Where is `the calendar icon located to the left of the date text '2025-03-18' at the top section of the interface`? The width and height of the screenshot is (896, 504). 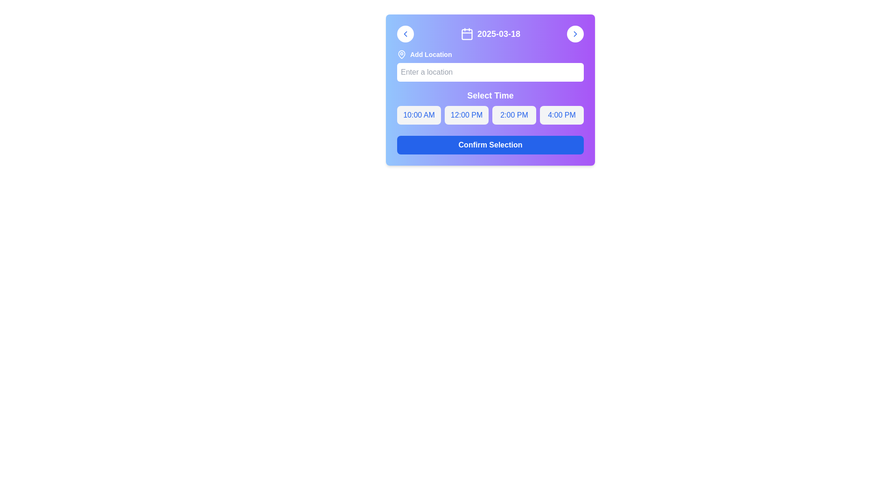 the calendar icon located to the left of the date text '2025-03-18' at the top section of the interface is located at coordinates (467, 34).